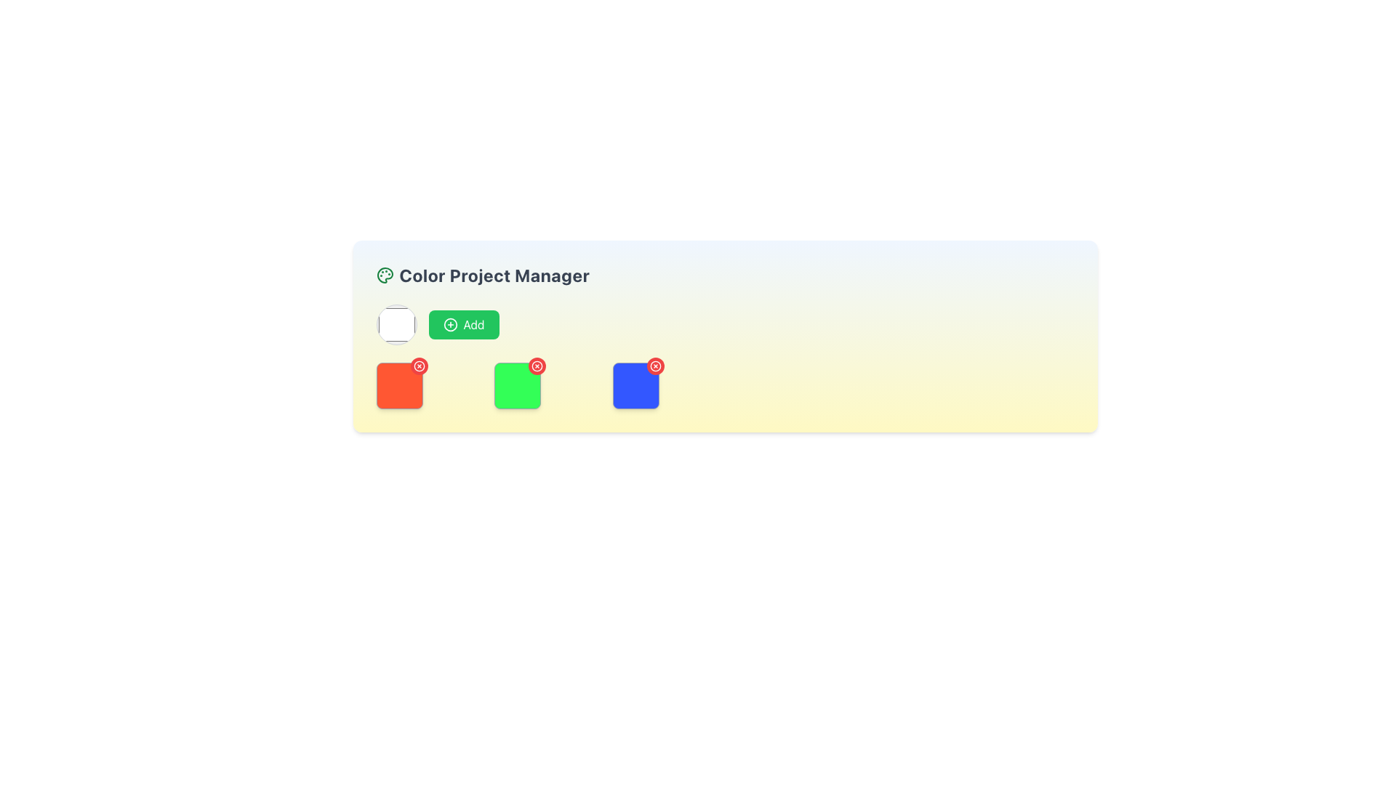  What do you see at coordinates (399, 385) in the screenshot?
I see `the Square UI block with a bright red background and rounded corners` at bounding box center [399, 385].